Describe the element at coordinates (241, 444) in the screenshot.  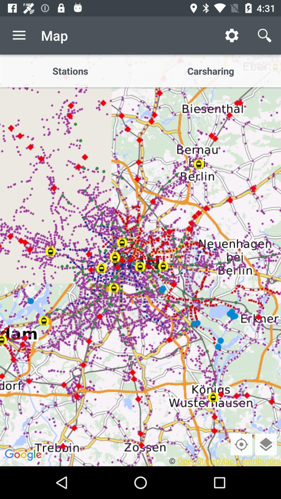
I see `the location_crosshair icon` at that location.